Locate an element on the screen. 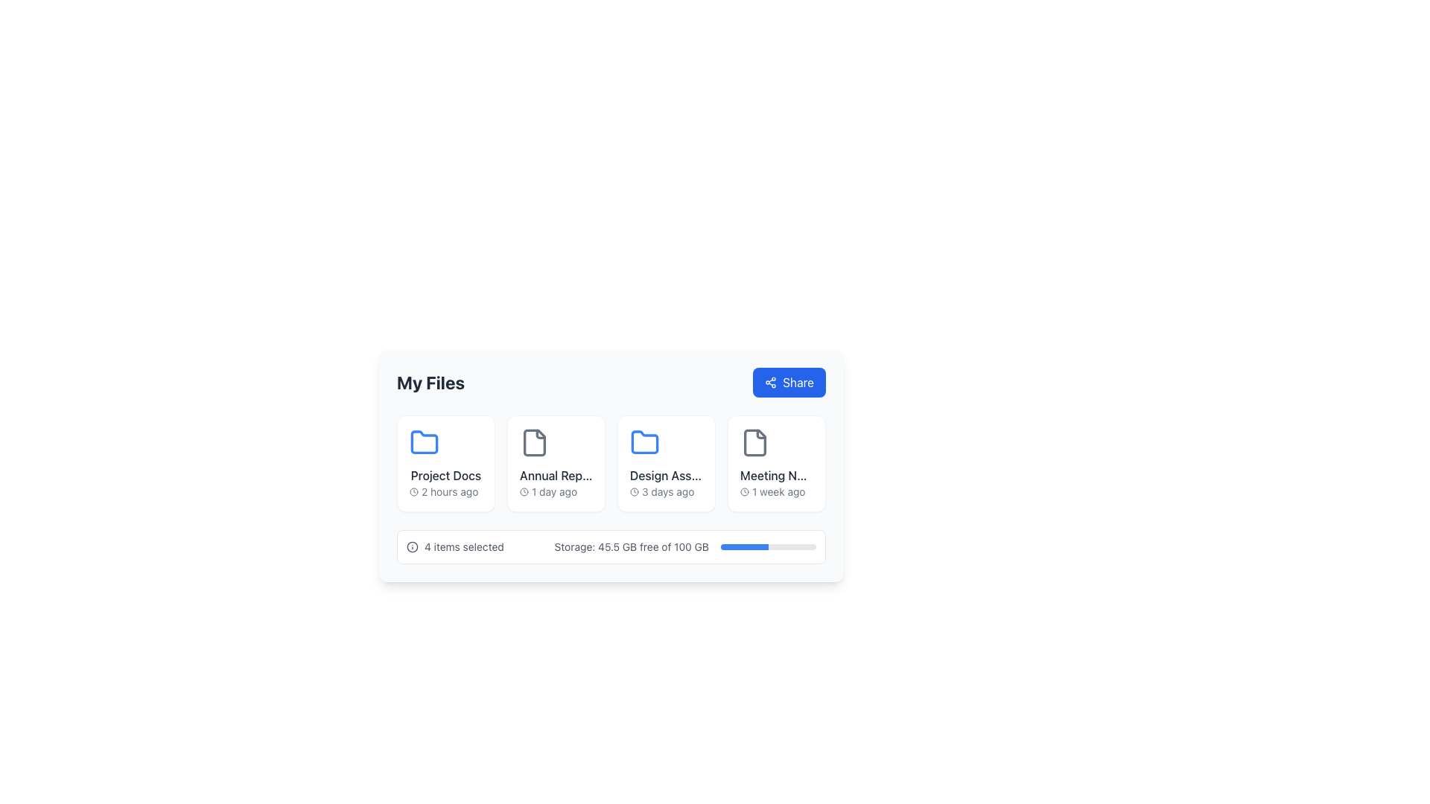 This screenshot has height=804, width=1430. the blue 'Share' button with rounded corners located at the top right corner of the 'My Files' panel is located at coordinates (789, 381).